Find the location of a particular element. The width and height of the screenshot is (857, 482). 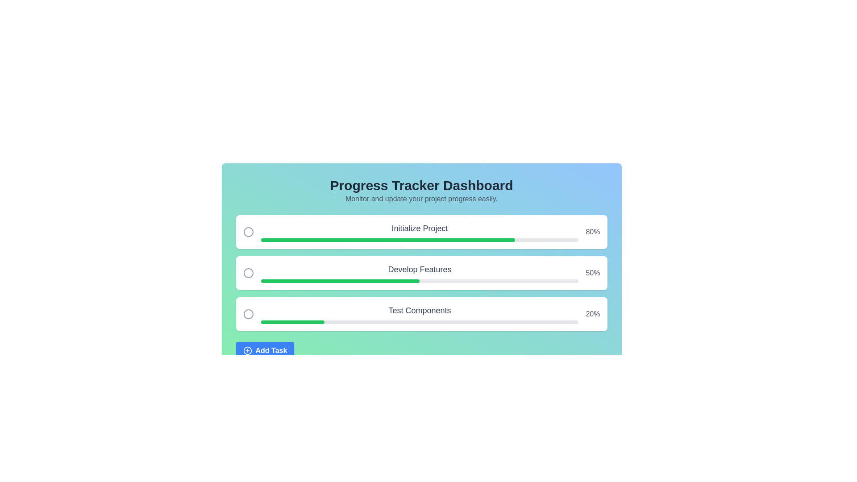

the 'Initialize Project' text label, which is the first task is located at coordinates (419, 228).